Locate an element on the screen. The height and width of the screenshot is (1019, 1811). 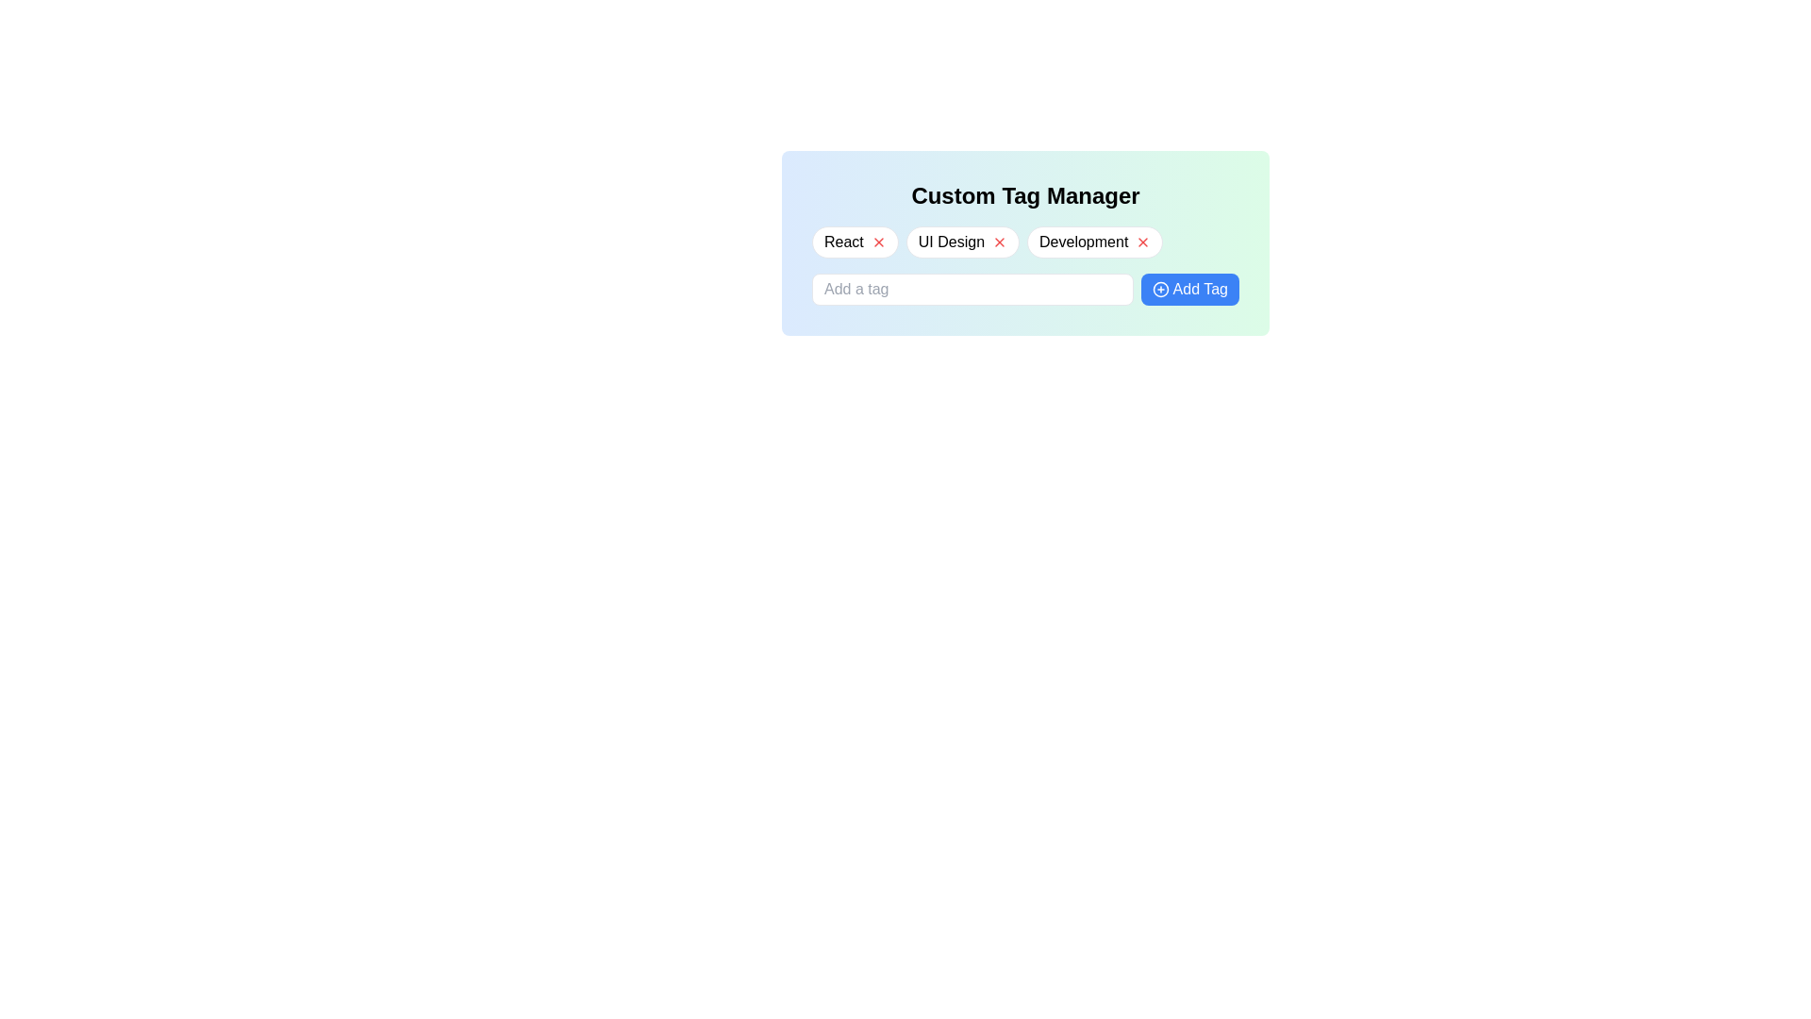
the second tag in the 'Custom Tag Manager' section to activate highlighting effects is located at coordinates (962, 242).